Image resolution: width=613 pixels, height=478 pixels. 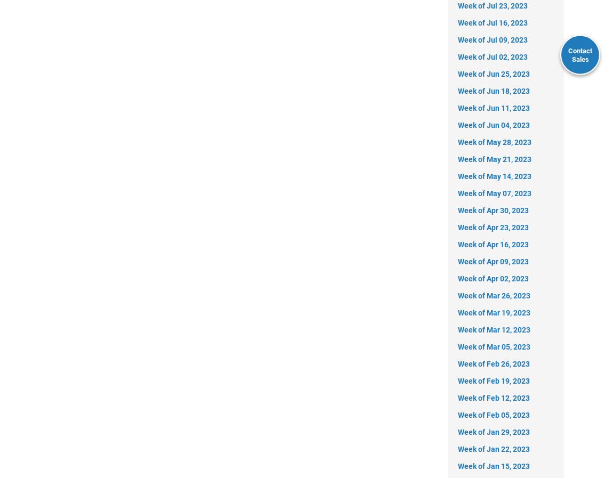 What do you see at coordinates (494, 329) in the screenshot?
I see `'Week of Mar 12, 2023'` at bounding box center [494, 329].